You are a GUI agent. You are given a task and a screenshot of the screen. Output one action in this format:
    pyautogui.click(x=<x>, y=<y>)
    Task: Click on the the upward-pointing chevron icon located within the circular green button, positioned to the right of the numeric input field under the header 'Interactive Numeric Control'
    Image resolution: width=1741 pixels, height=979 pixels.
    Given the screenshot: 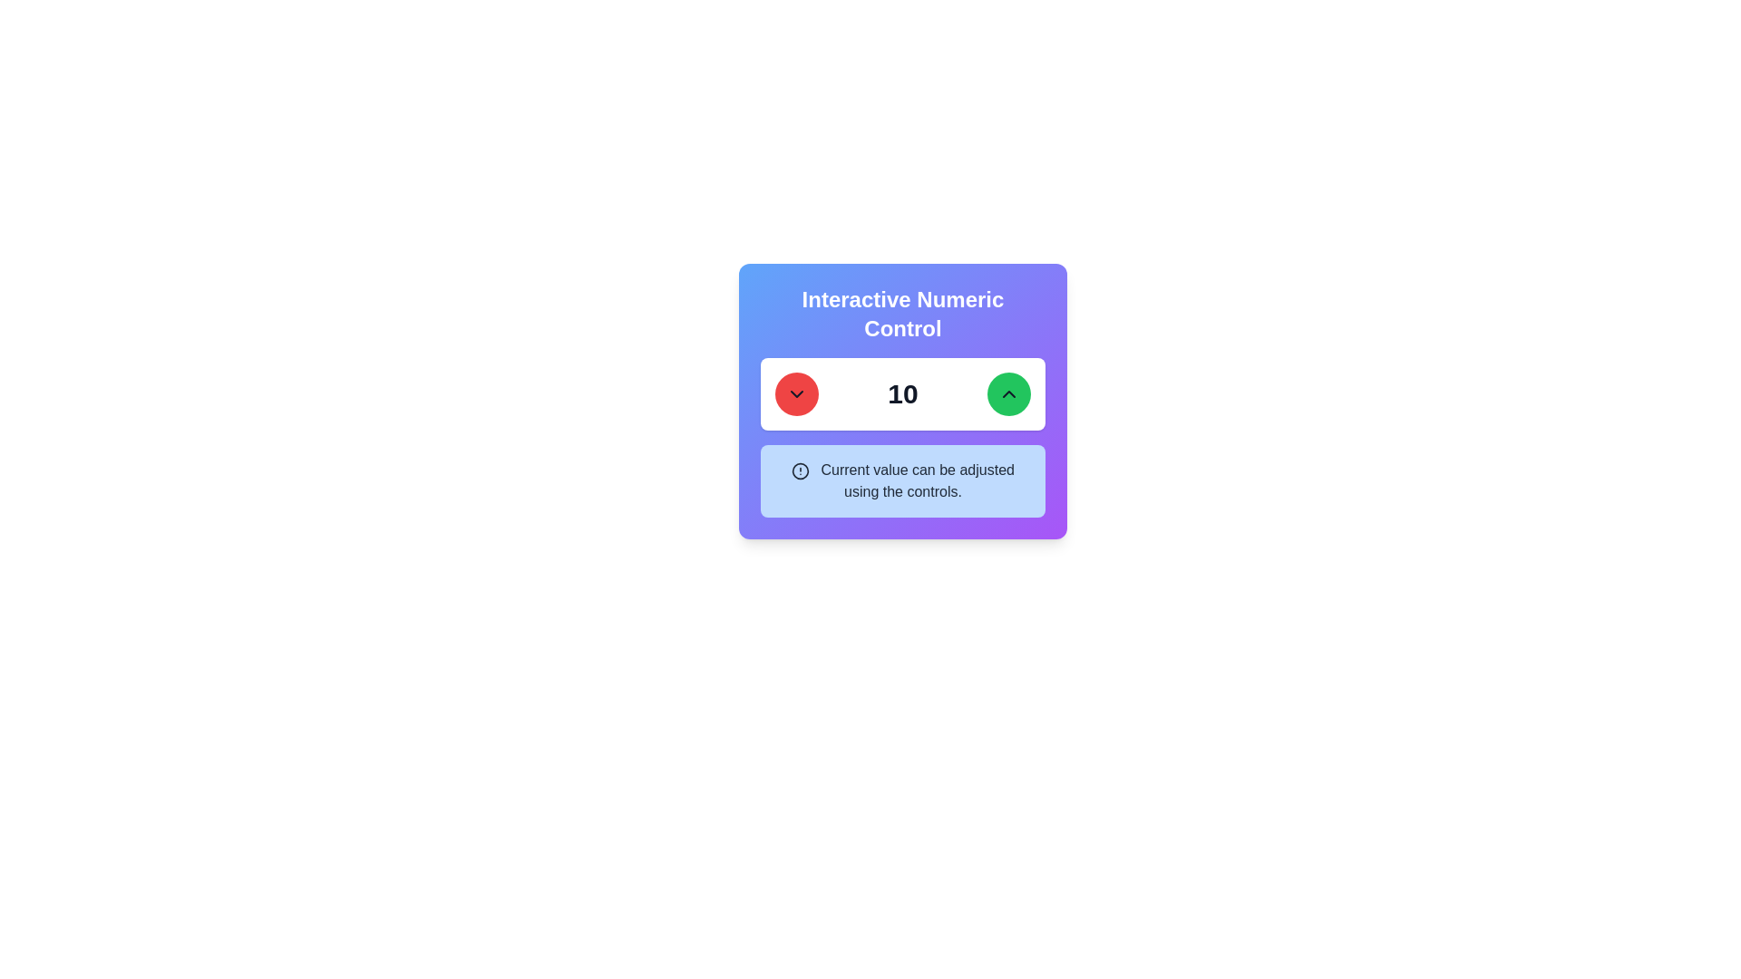 What is the action you would take?
    pyautogui.click(x=1008, y=393)
    